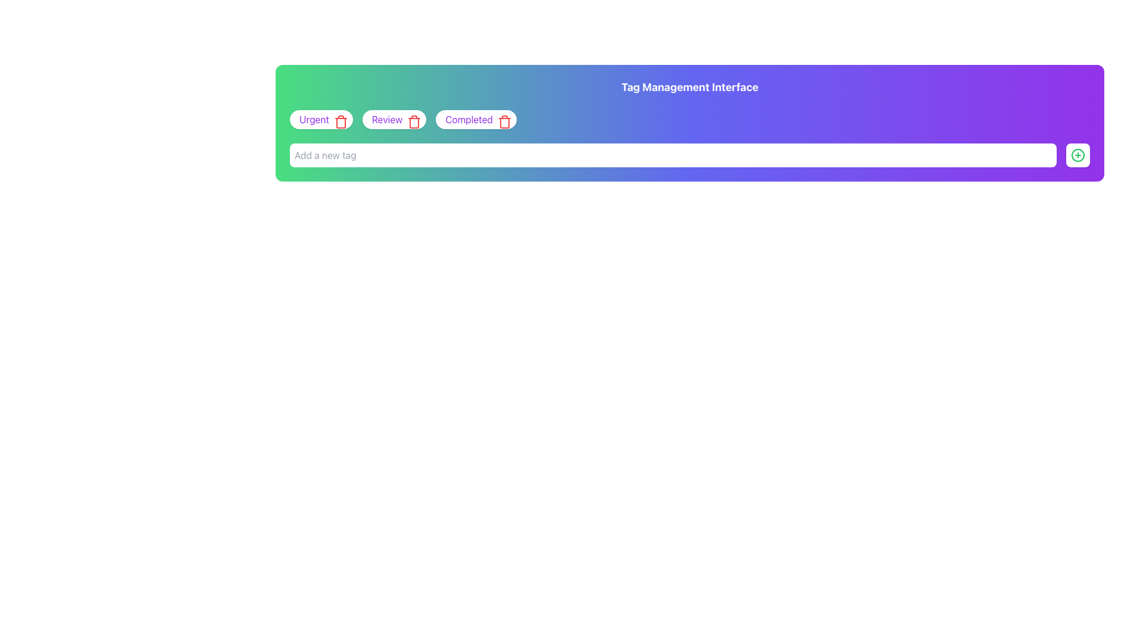 The height and width of the screenshot is (643, 1143). What do you see at coordinates (1078, 155) in the screenshot?
I see `the SVG Circle Element that is part of the plus-circle icon located to the right side of the search bar` at bounding box center [1078, 155].